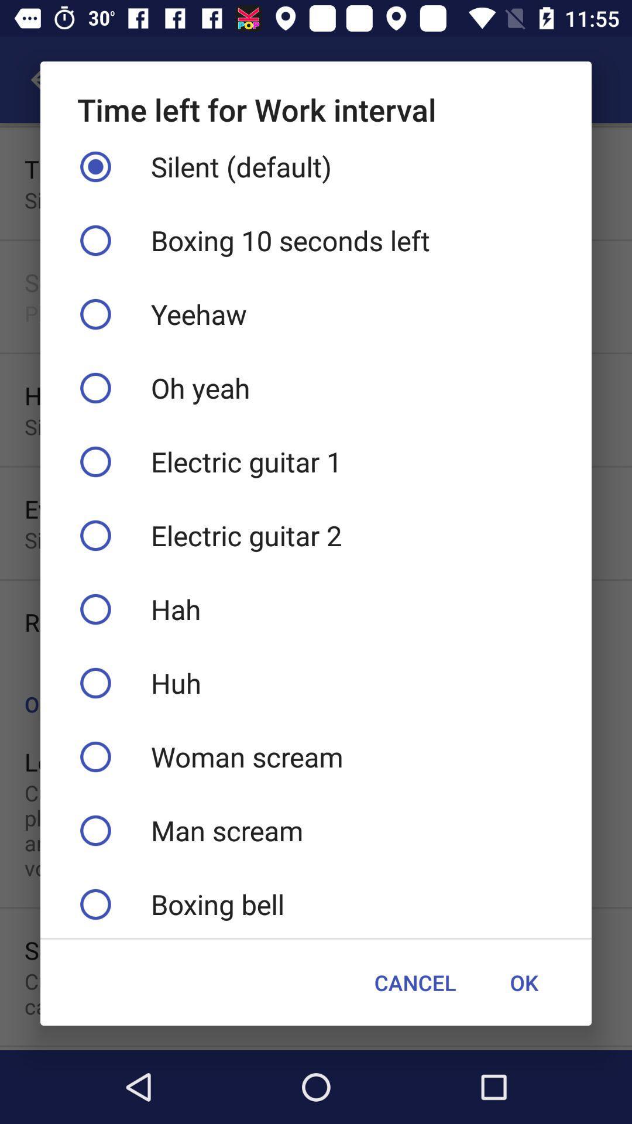 This screenshot has width=632, height=1124. I want to click on icon next to the ok item, so click(414, 982).